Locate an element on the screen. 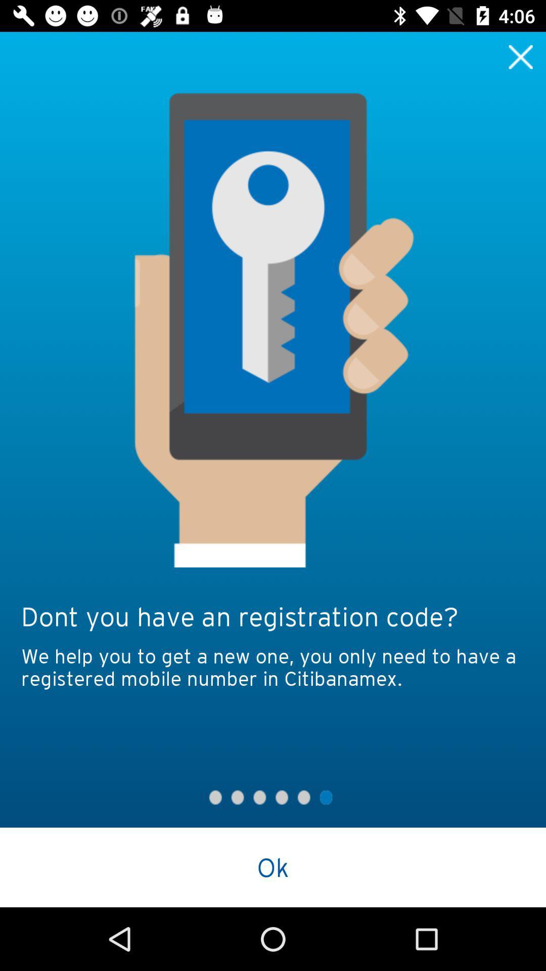 Image resolution: width=546 pixels, height=971 pixels. to close is located at coordinates (521, 56).